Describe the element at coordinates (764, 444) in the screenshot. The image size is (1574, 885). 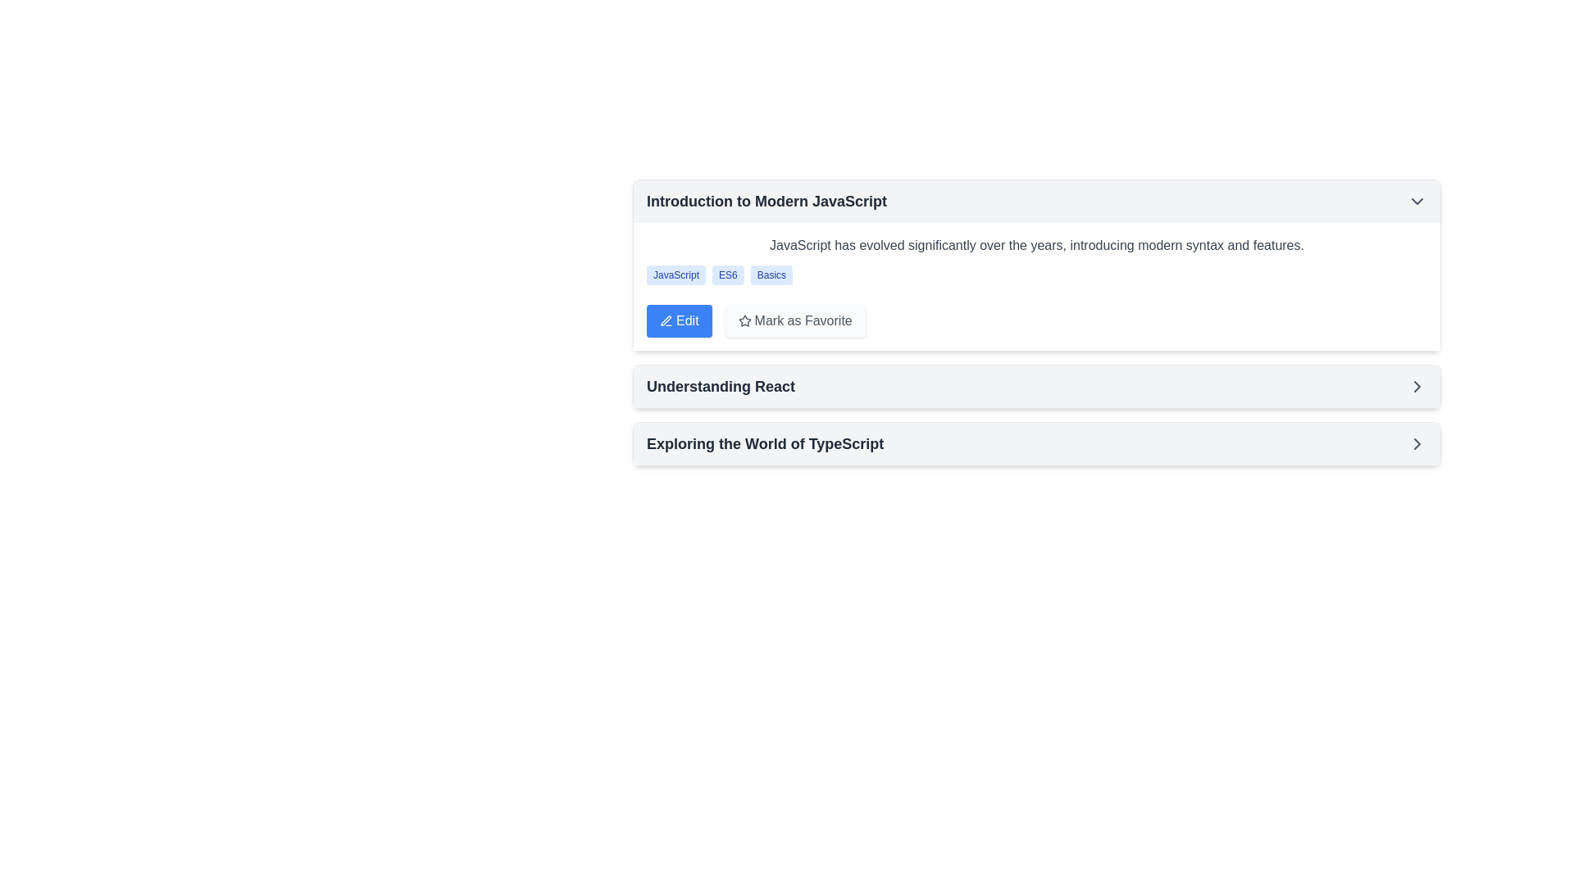
I see `the text label displaying 'Exploring the World of TypeScript', which is positioned at the top-center of a rectangular section, distinctively styled in bold dark gray font` at that location.